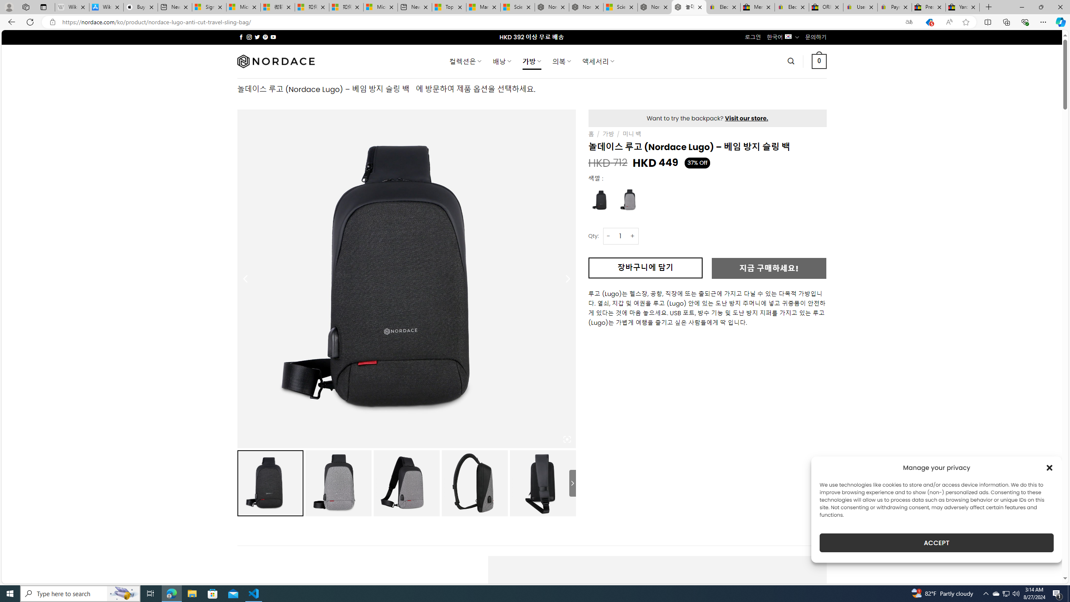 This screenshot has height=602, width=1070. Describe the element at coordinates (1050, 467) in the screenshot. I see `'Class: cmplz-close'` at that location.